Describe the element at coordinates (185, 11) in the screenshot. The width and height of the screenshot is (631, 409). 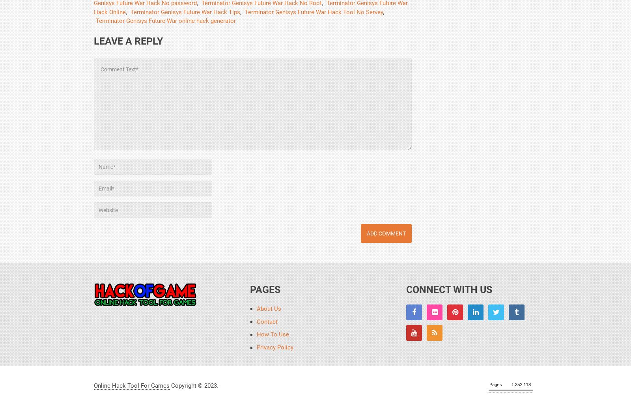
I see `'Terminator Genisys Future War Hack Tips'` at that location.